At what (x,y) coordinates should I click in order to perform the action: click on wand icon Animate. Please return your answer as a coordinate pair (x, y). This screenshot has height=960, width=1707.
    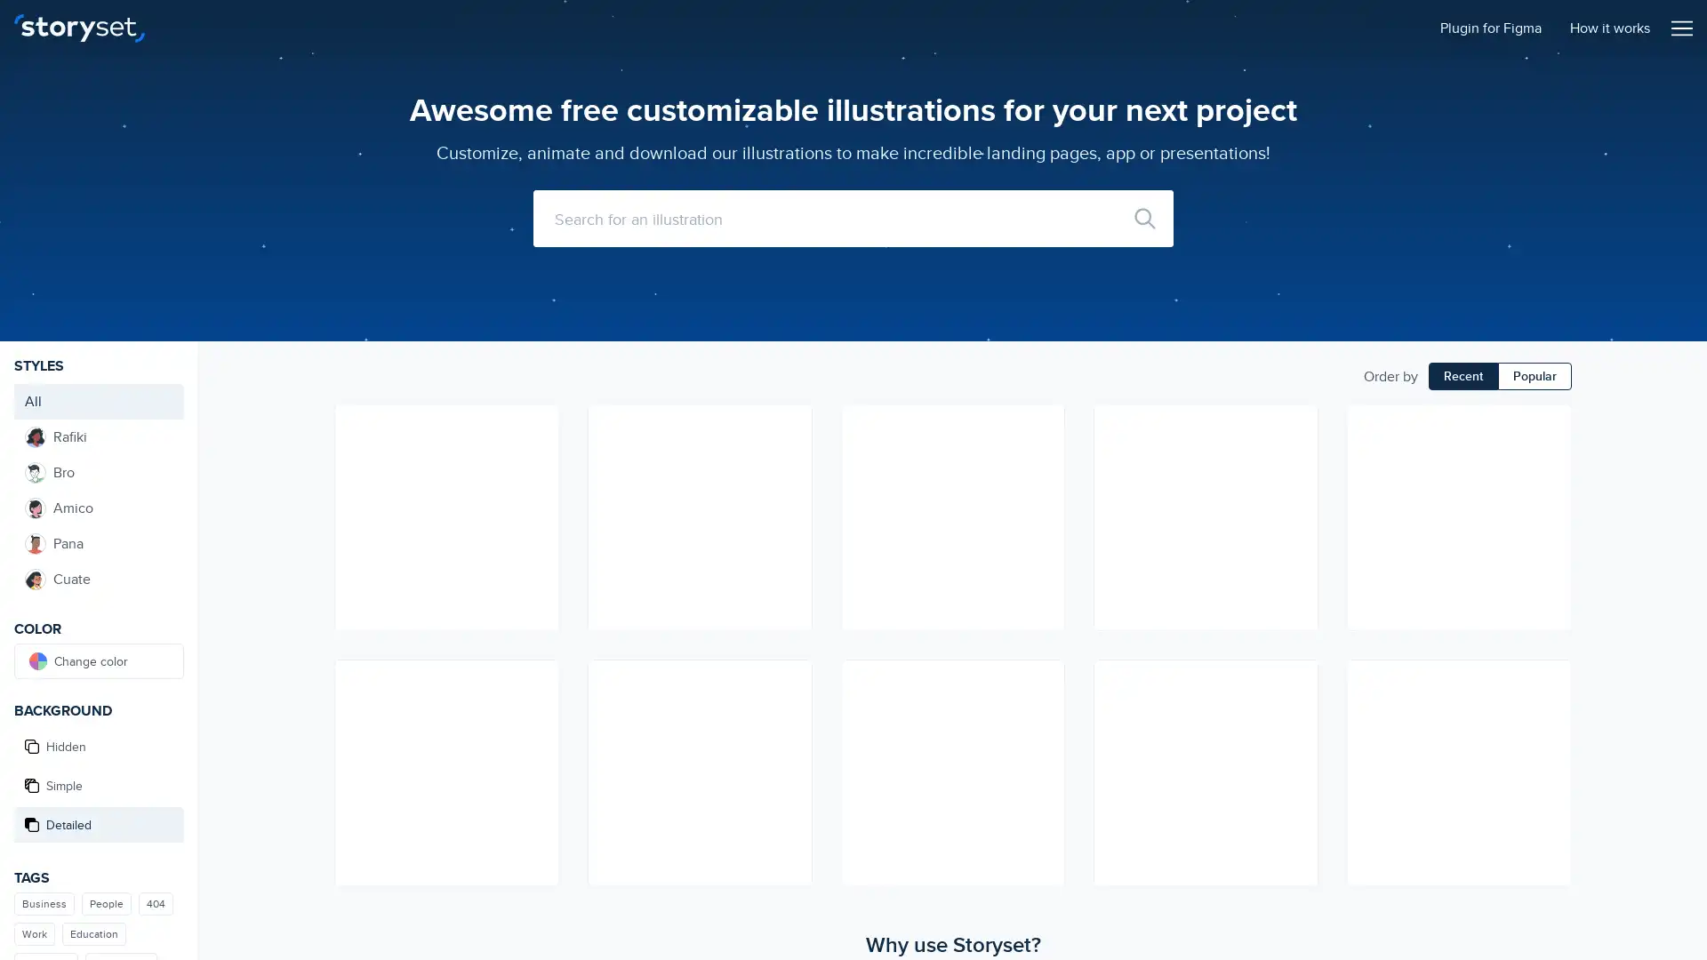
    Looking at the image, I should click on (1042, 426).